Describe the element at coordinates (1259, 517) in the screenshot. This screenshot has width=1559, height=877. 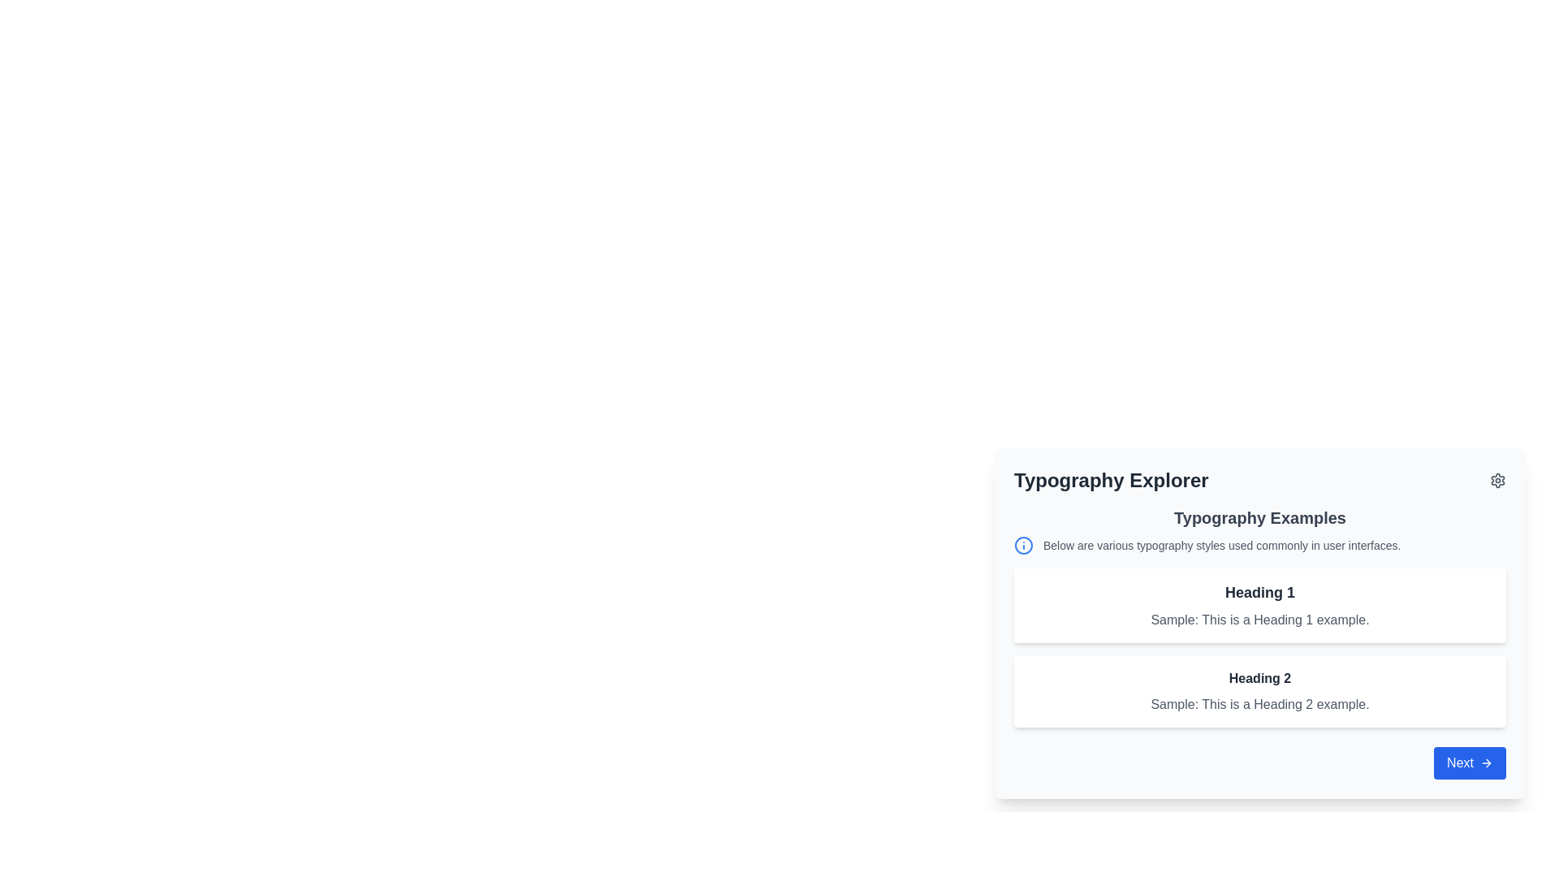
I see `the static text element that serves as a section title for typography examples, located beneath the main header 'Typography Explorer'` at that location.